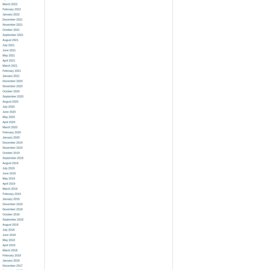 This screenshot has width=253, height=270. I want to click on 'May 2021', so click(8, 55).